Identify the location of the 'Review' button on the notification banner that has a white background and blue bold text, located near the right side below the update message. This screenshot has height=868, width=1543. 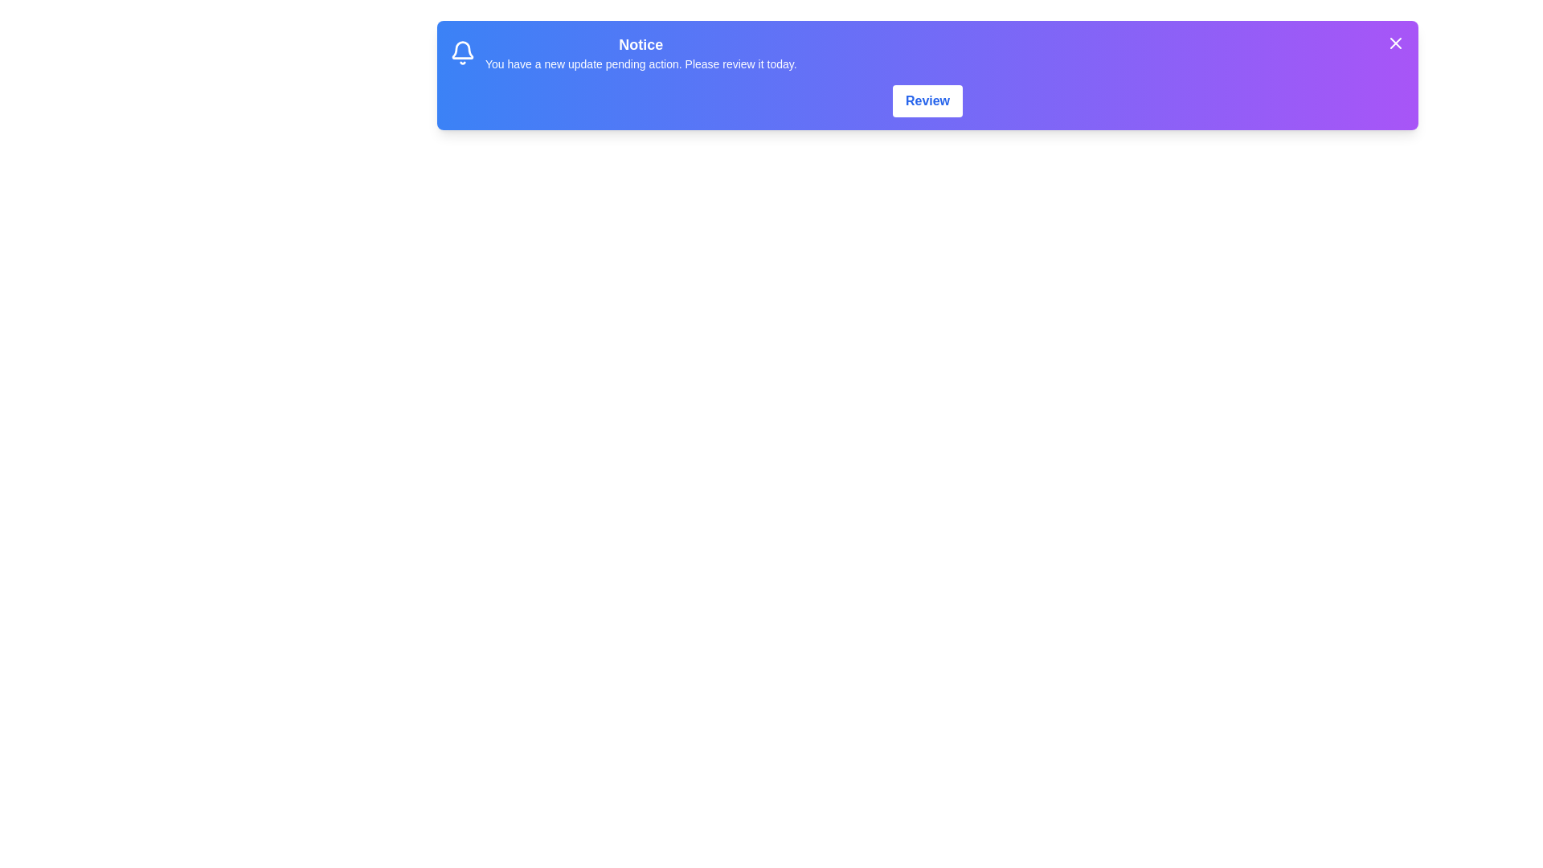
(927, 101).